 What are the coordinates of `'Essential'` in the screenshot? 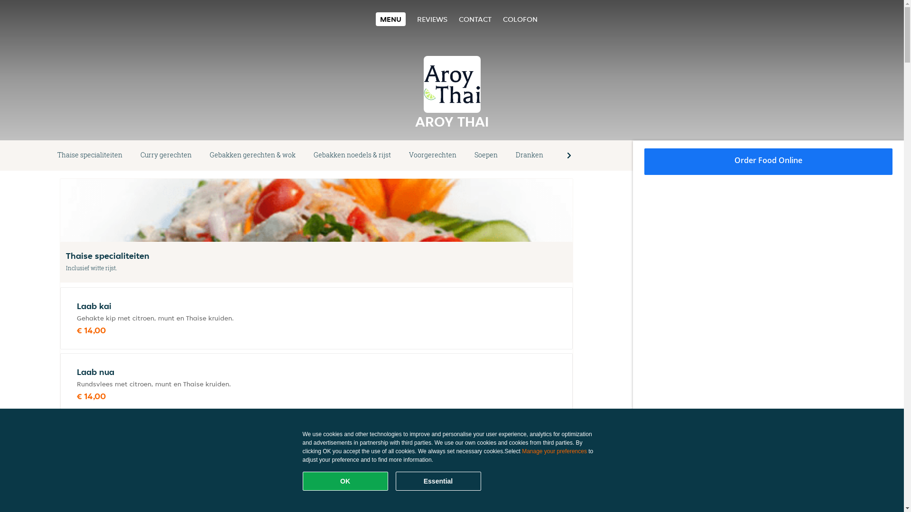 It's located at (437, 481).